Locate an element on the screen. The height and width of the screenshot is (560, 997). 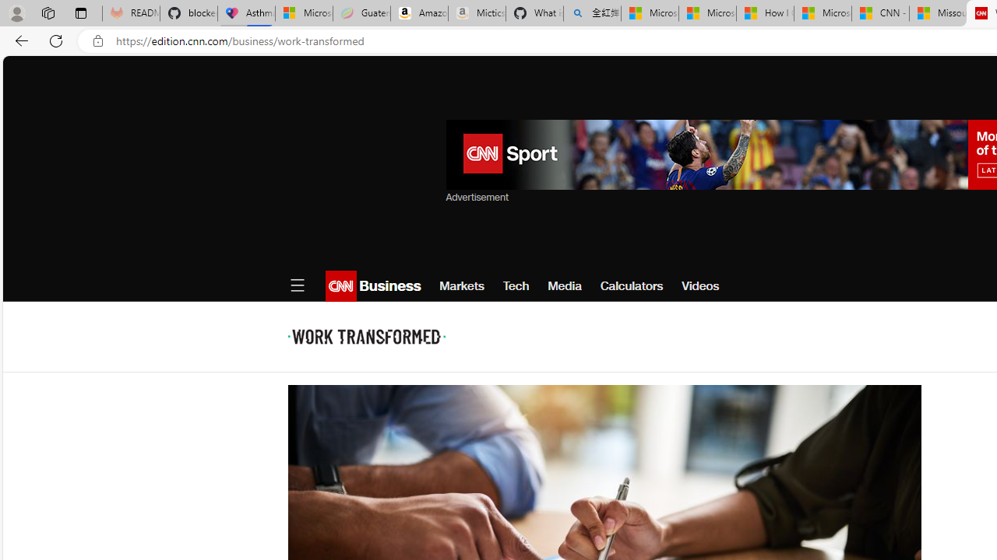
'Markets' is located at coordinates (461, 285).